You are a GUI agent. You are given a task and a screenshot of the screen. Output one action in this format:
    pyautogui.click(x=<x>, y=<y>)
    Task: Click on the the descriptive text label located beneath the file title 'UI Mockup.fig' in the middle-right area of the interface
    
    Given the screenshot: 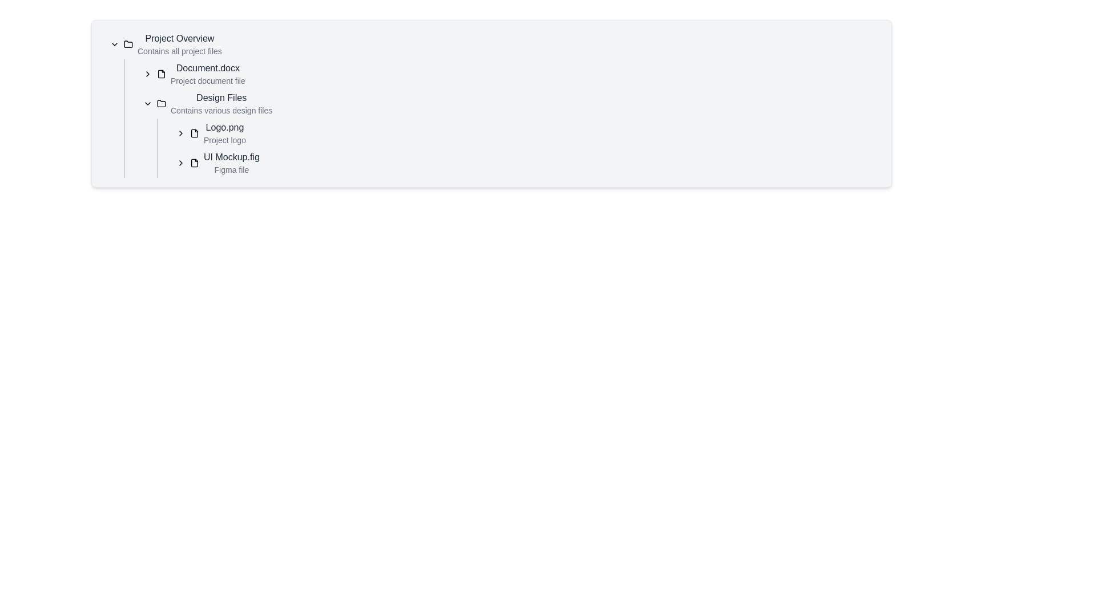 What is the action you would take?
    pyautogui.click(x=231, y=169)
    